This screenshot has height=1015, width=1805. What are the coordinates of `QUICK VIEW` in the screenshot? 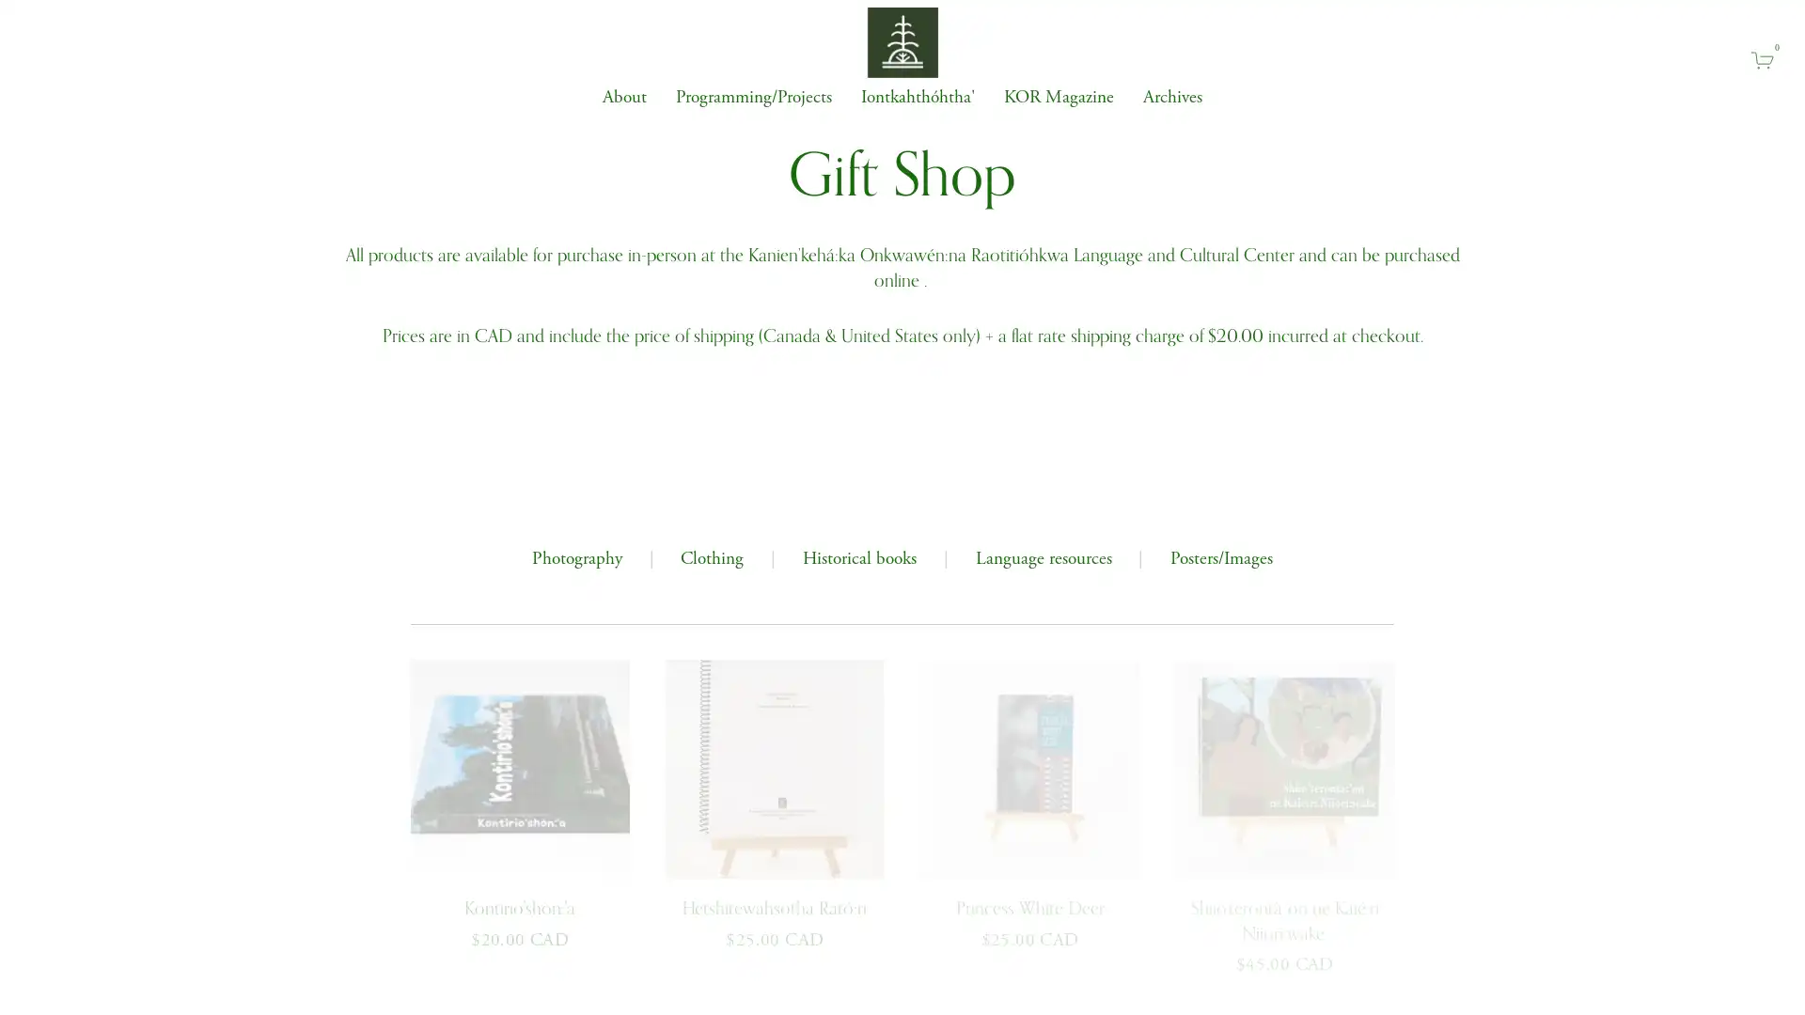 It's located at (1283, 789).